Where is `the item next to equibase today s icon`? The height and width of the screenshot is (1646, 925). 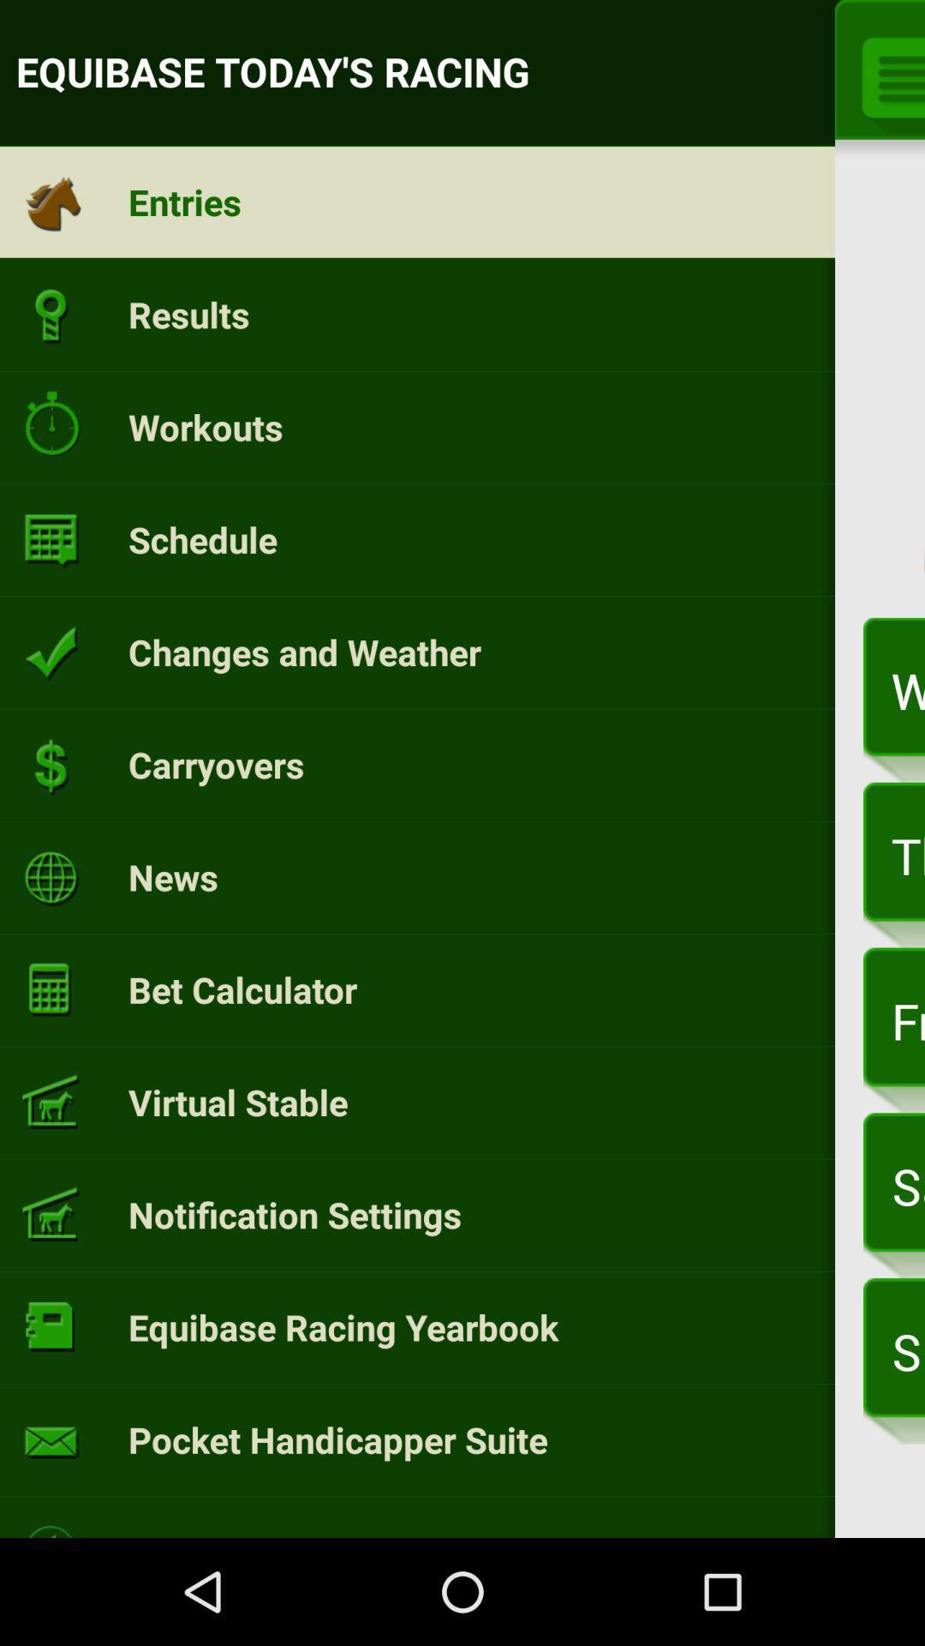
the item next to equibase today s icon is located at coordinates (886, 74).